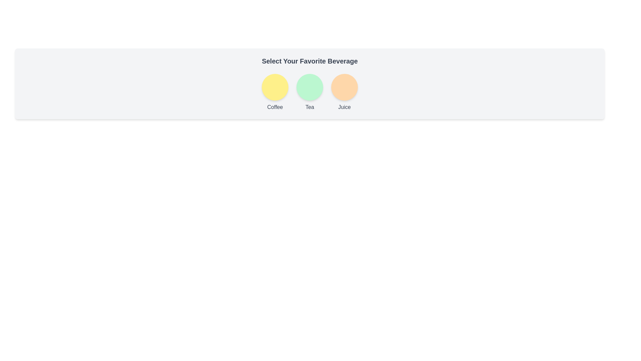 The height and width of the screenshot is (361, 641). I want to click on the text label displaying 'Juice', which is colored in gray and located centrally below an orange circular icon in the beverage options layout, so click(345, 107).